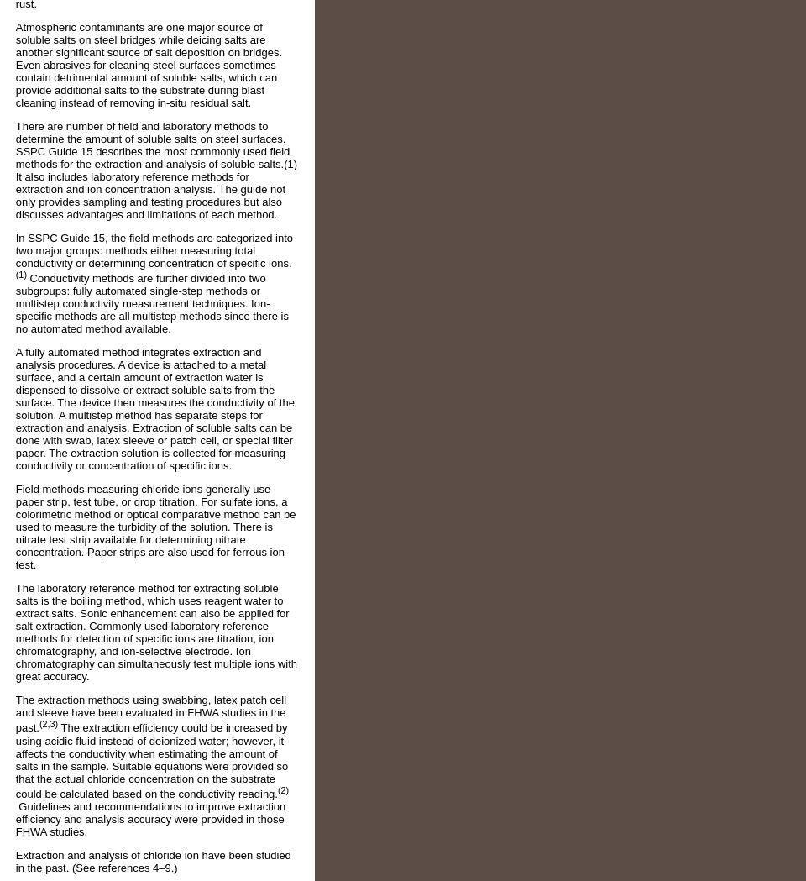 The image size is (806, 881). I want to click on '(1)', so click(19, 273).